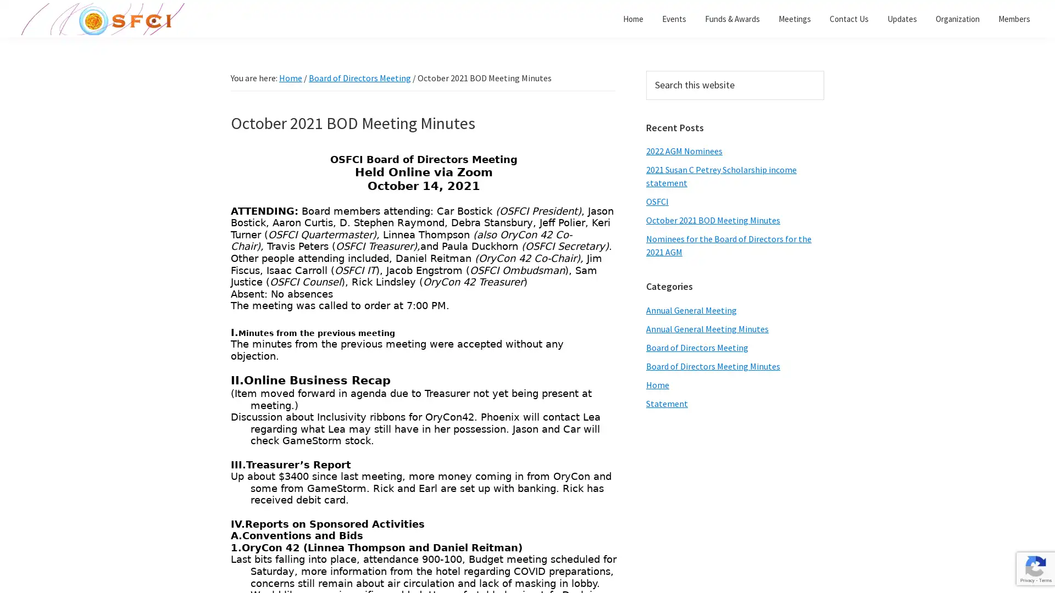 This screenshot has width=1055, height=593. I want to click on Search, so click(824, 70).